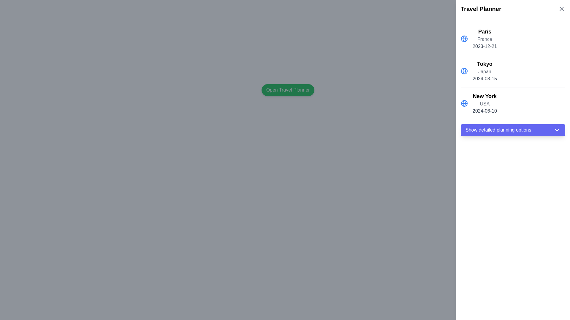 This screenshot has height=320, width=570. What do you see at coordinates (484, 104) in the screenshot?
I see `text label that identifies the country of the associated city, located between the bold 'New York' text and the gray '2024-06-10' text` at bounding box center [484, 104].